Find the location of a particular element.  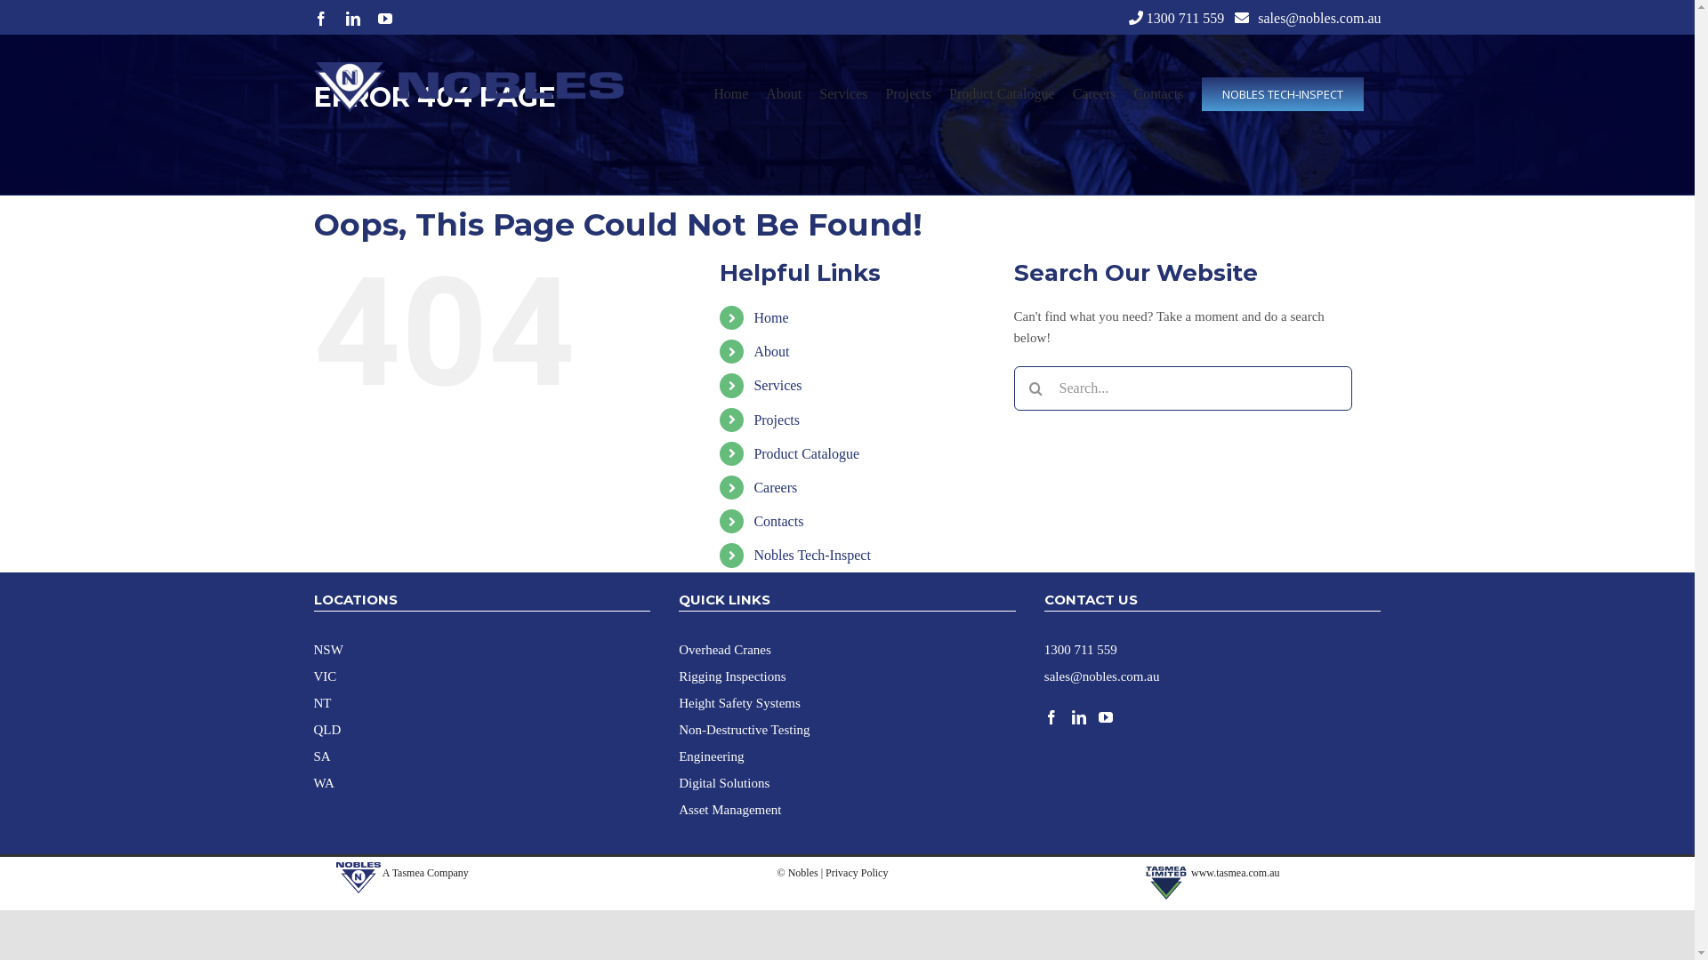

'Rigging Inspections' is located at coordinates (731, 675).